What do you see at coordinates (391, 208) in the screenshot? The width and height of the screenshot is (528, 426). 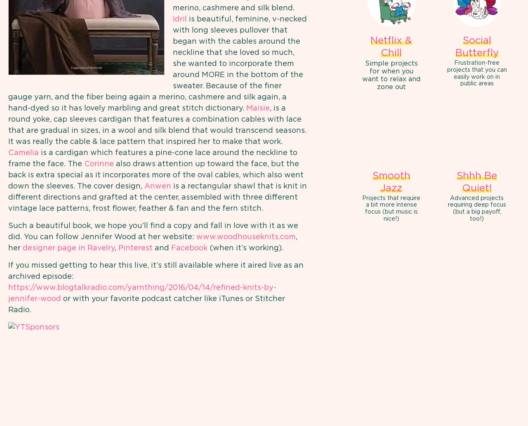 I see `'Projects that require a bit more intense focus (but music is nice!)'` at bounding box center [391, 208].